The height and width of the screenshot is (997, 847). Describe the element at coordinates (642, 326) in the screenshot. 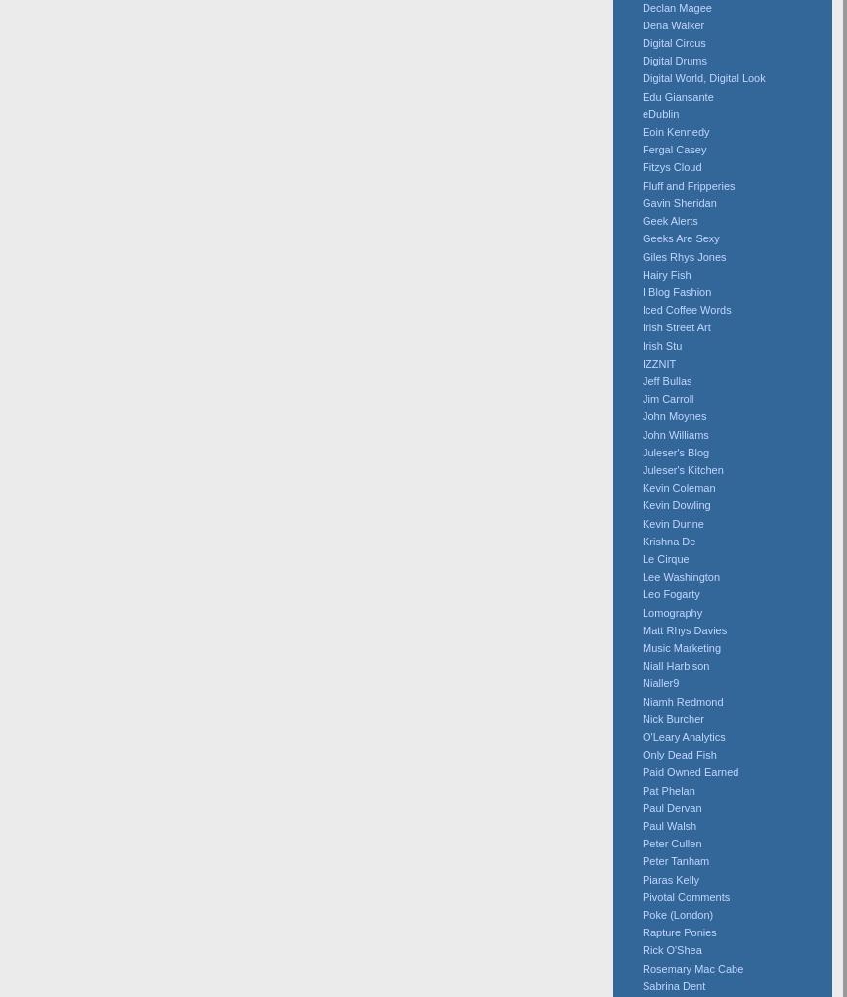

I see `'Irish Street Art'` at that location.